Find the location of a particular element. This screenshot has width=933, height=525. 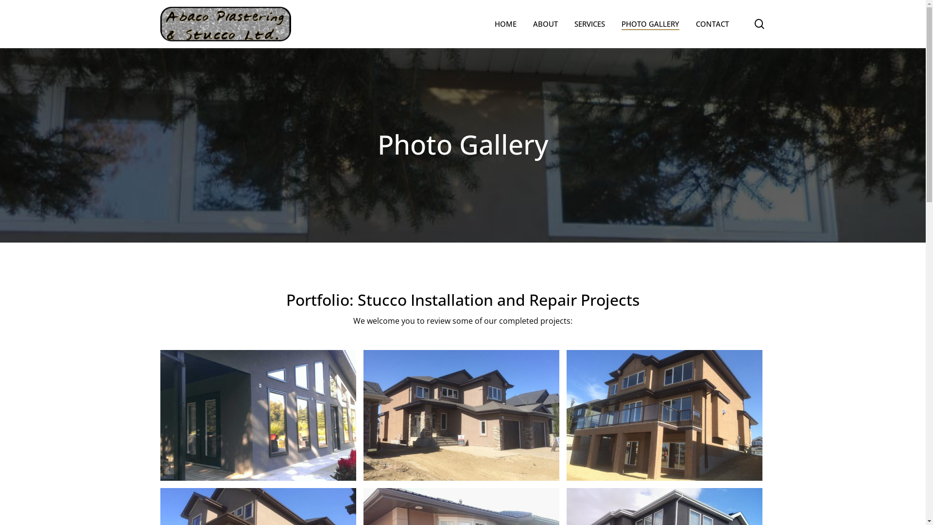

'HOME' is located at coordinates (505, 23).